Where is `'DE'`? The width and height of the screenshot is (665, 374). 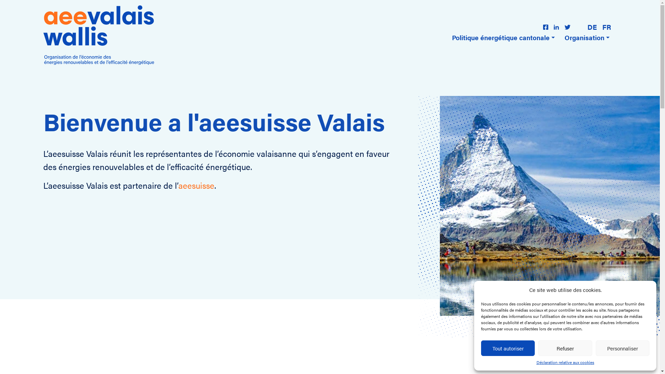
'DE' is located at coordinates (592, 26).